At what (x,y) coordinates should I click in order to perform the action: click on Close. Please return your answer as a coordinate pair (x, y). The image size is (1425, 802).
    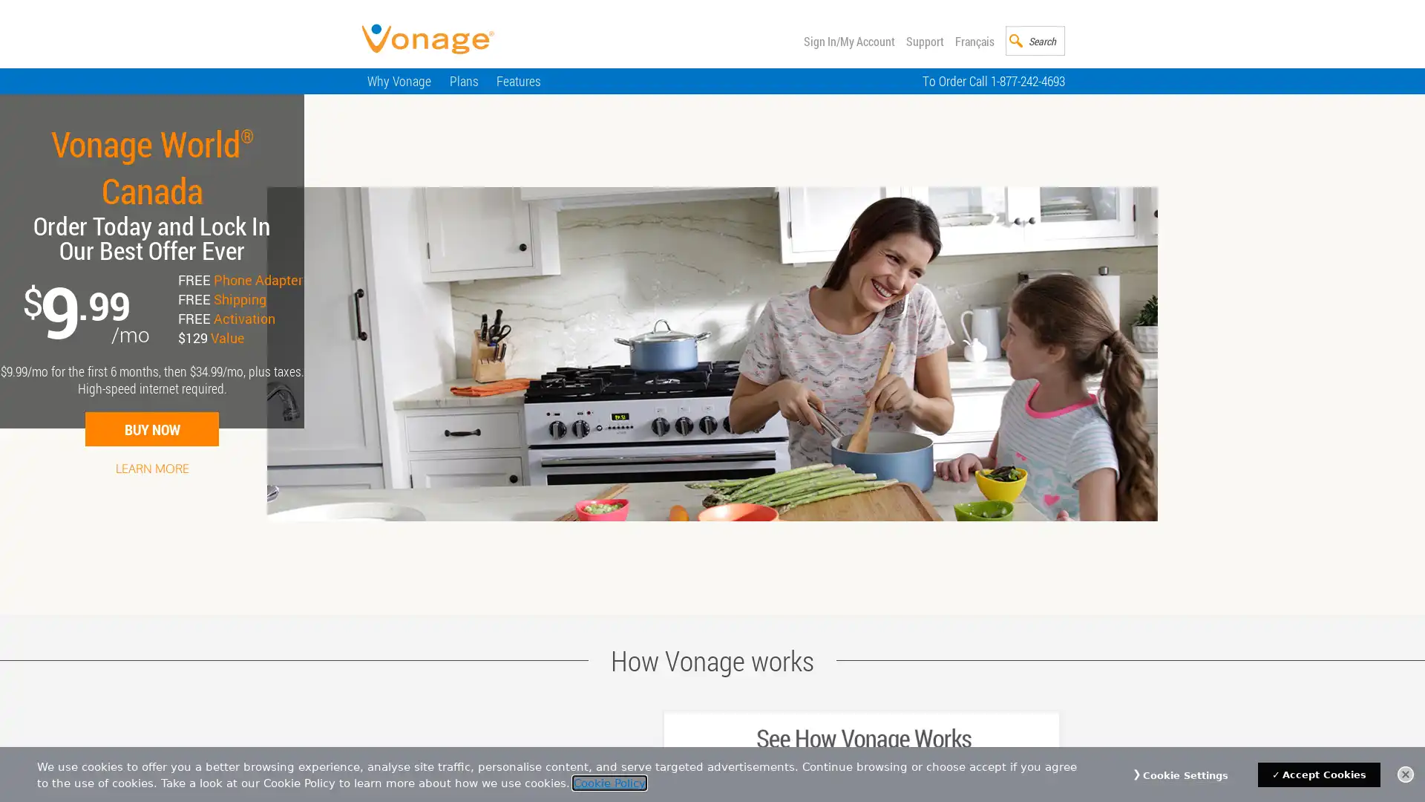
    Looking at the image, I should click on (1405, 773).